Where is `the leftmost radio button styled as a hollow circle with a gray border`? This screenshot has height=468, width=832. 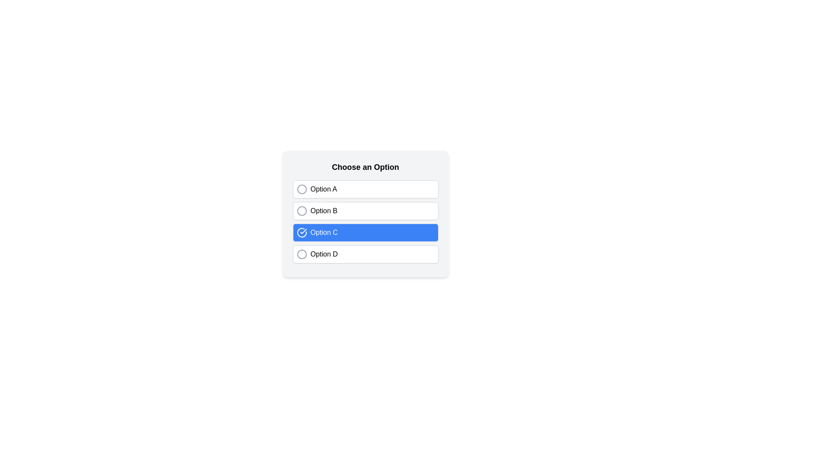 the leftmost radio button styled as a hollow circle with a gray border is located at coordinates (302, 253).